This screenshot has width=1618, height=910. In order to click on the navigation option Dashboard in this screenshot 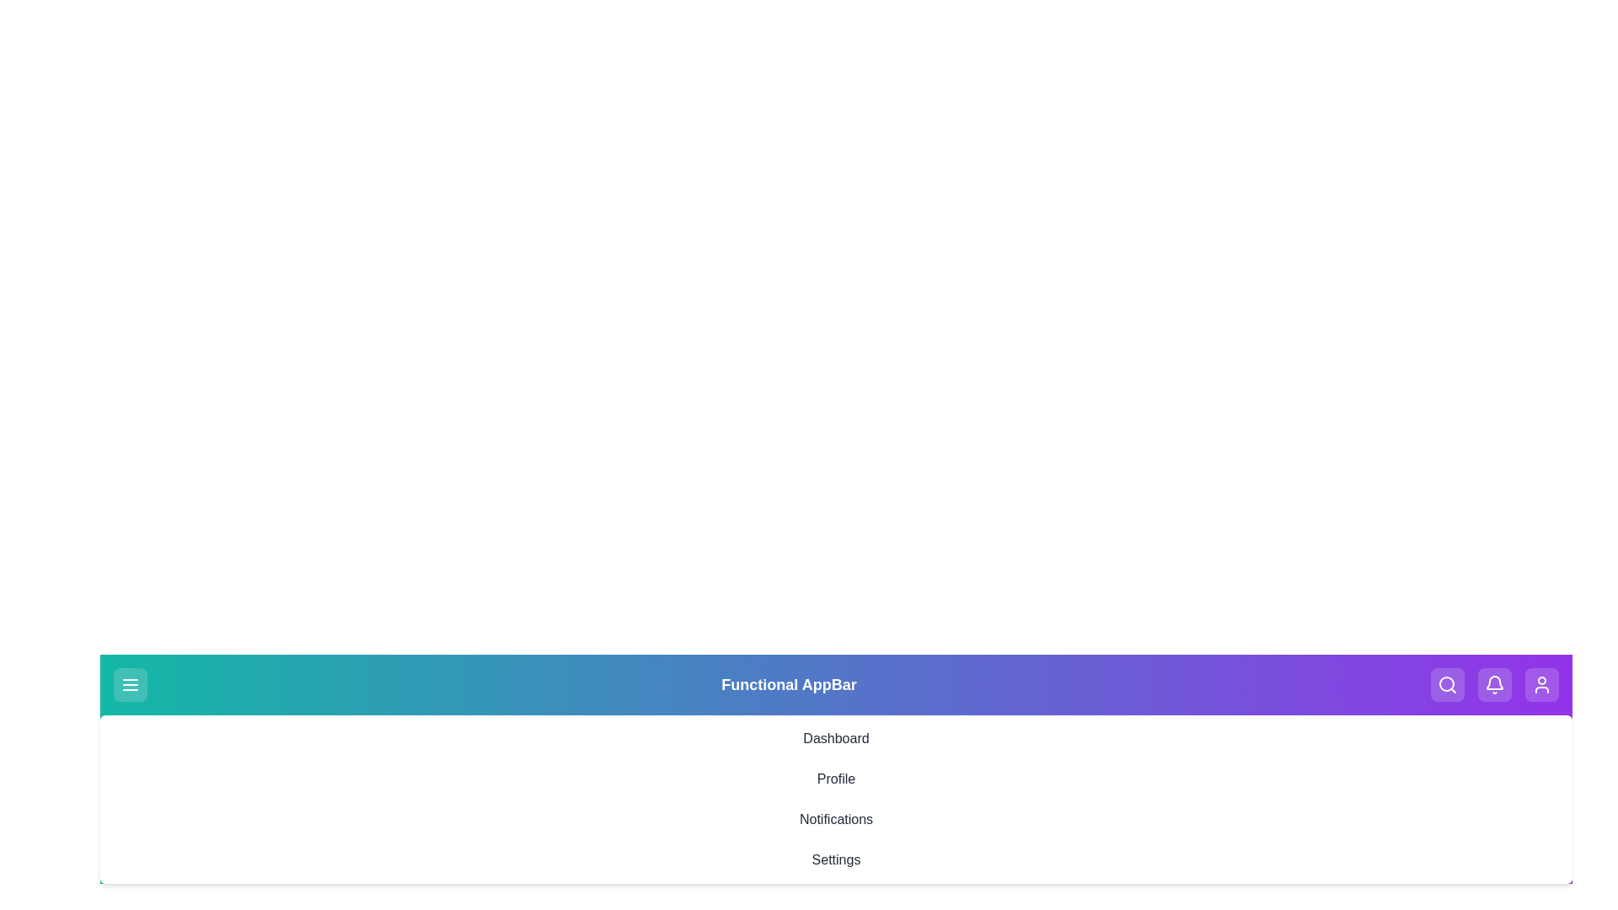, I will do `click(836, 737)`.